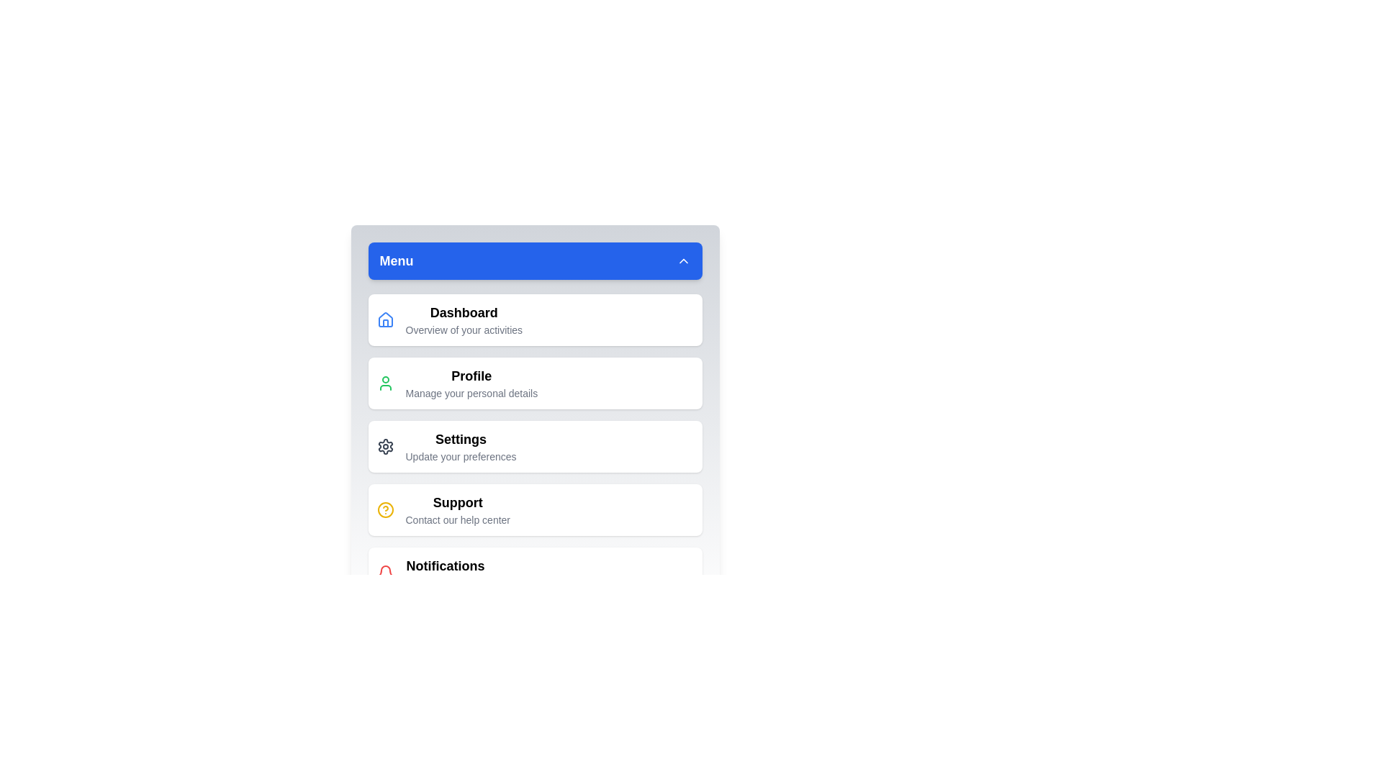 The width and height of the screenshot is (1382, 777). What do you see at coordinates (385, 509) in the screenshot?
I see `the 'Support' section icon represented by the SVG circle element, which visually indicates help or assistance, located next to the 'Contact our help center' text` at bounding box center [385, 509].